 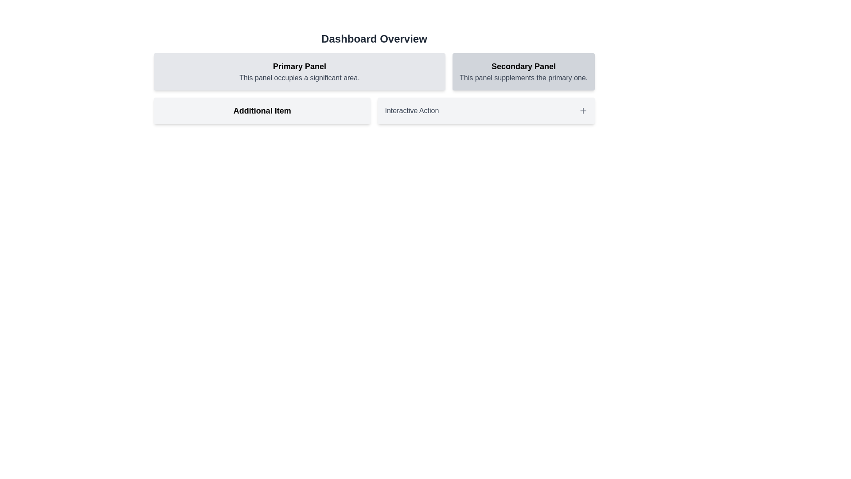 I want to click on the text label displaying 'Additional Item' located at the top center of the left panel under the header section, so click(x=262, y=110).